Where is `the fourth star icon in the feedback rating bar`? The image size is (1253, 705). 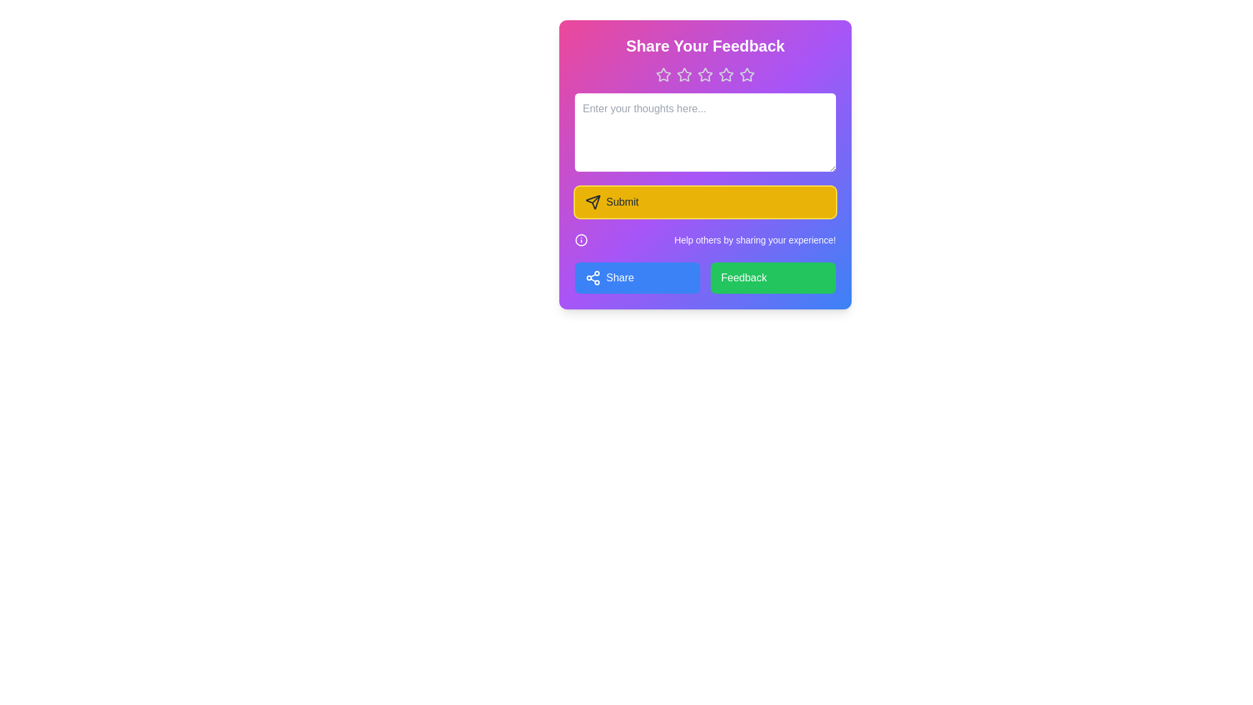
the fourth star icon in the feedback rating bar is located at coordinates (726, 74).